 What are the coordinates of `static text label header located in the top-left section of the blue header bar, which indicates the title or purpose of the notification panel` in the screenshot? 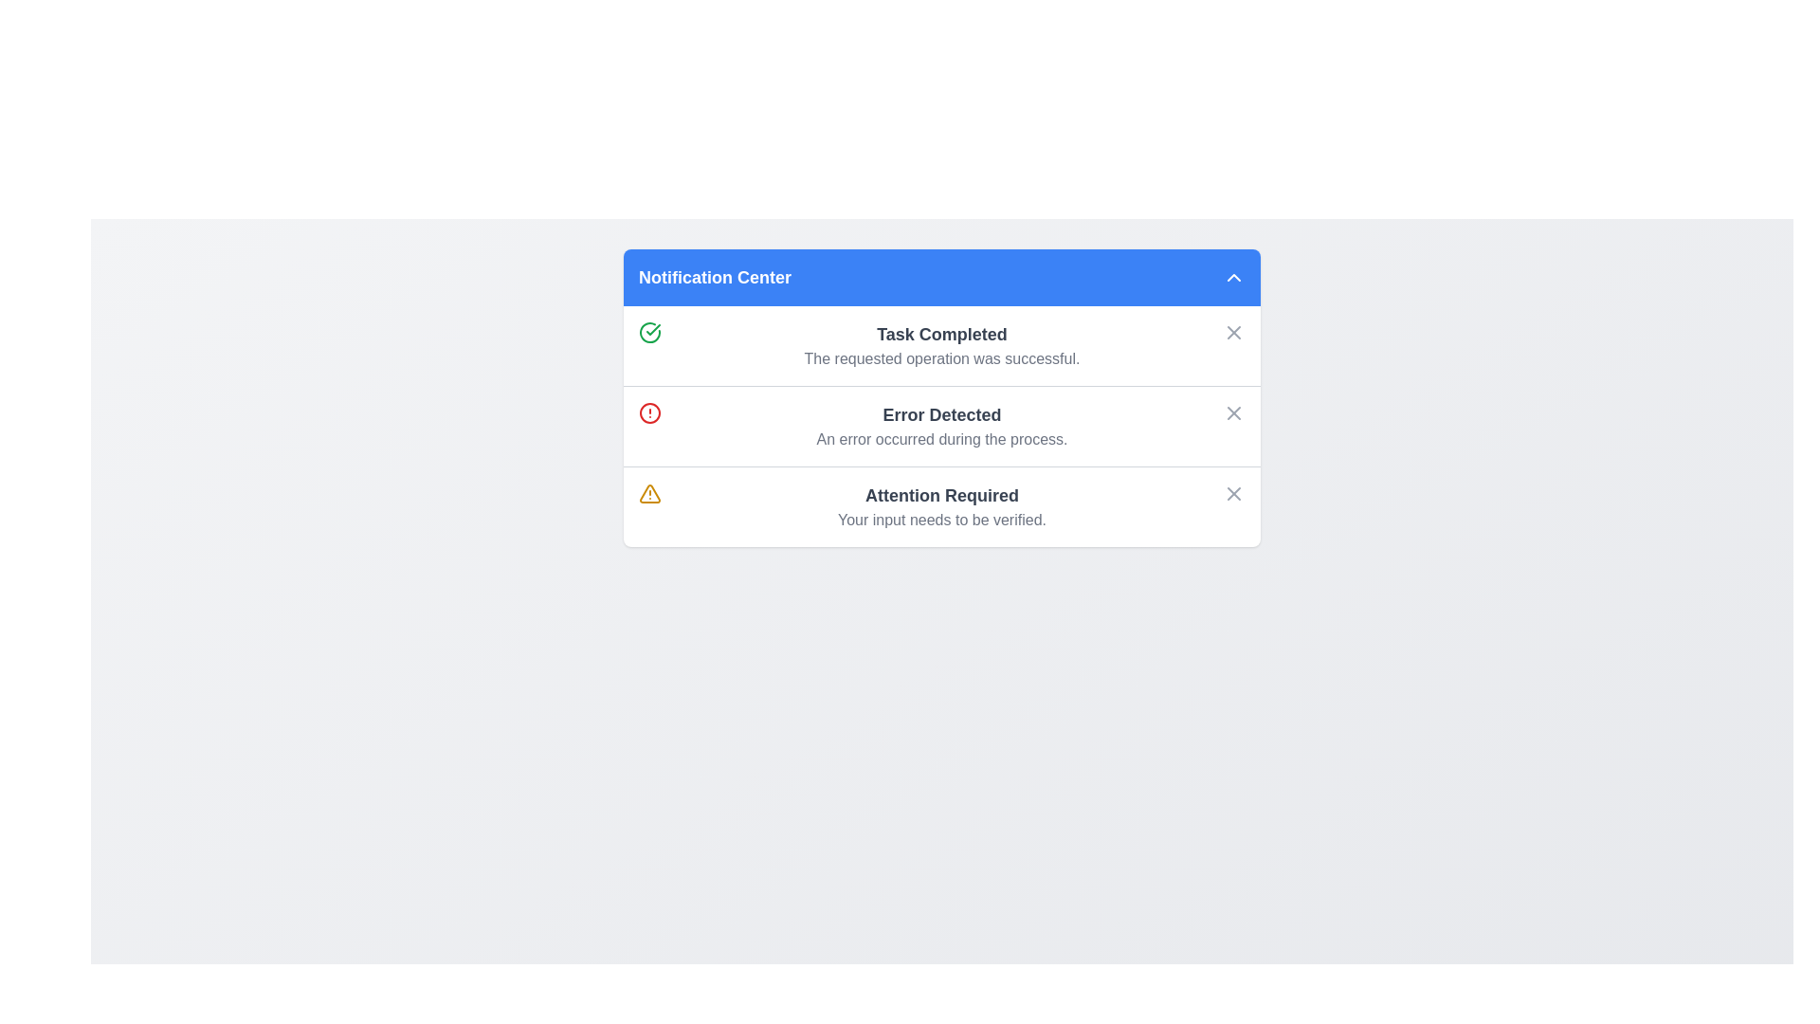 It's located at (714, 278).